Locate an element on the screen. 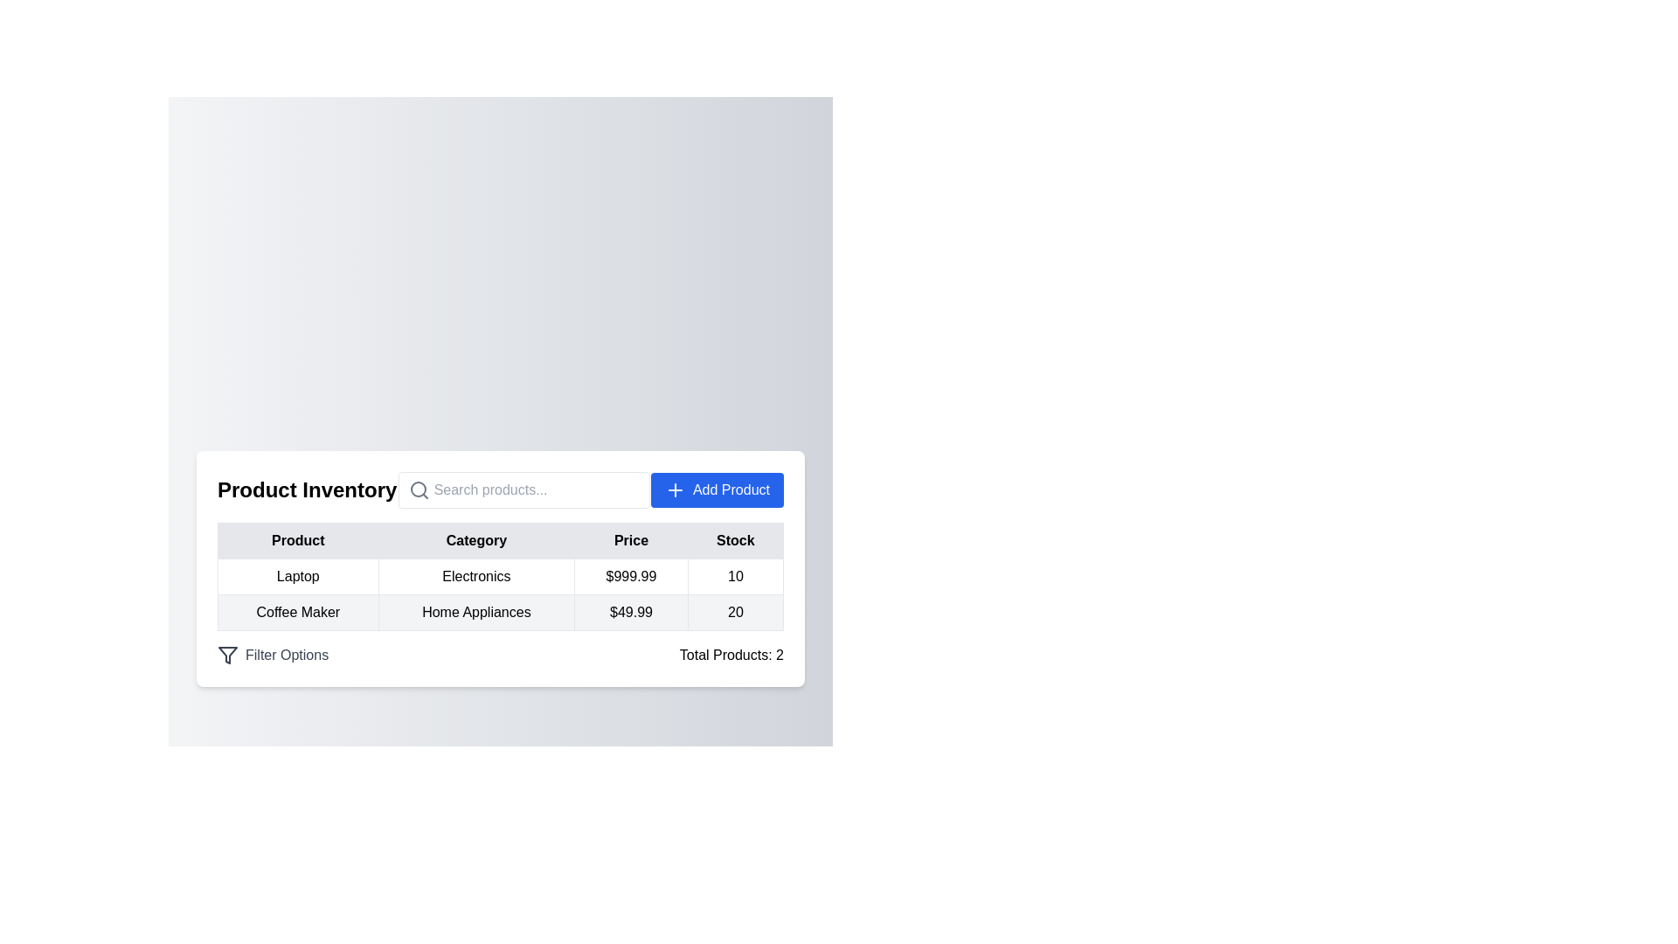  the 'Home Appliances' category label in the second row of the table is located at coordinates (476, 612).